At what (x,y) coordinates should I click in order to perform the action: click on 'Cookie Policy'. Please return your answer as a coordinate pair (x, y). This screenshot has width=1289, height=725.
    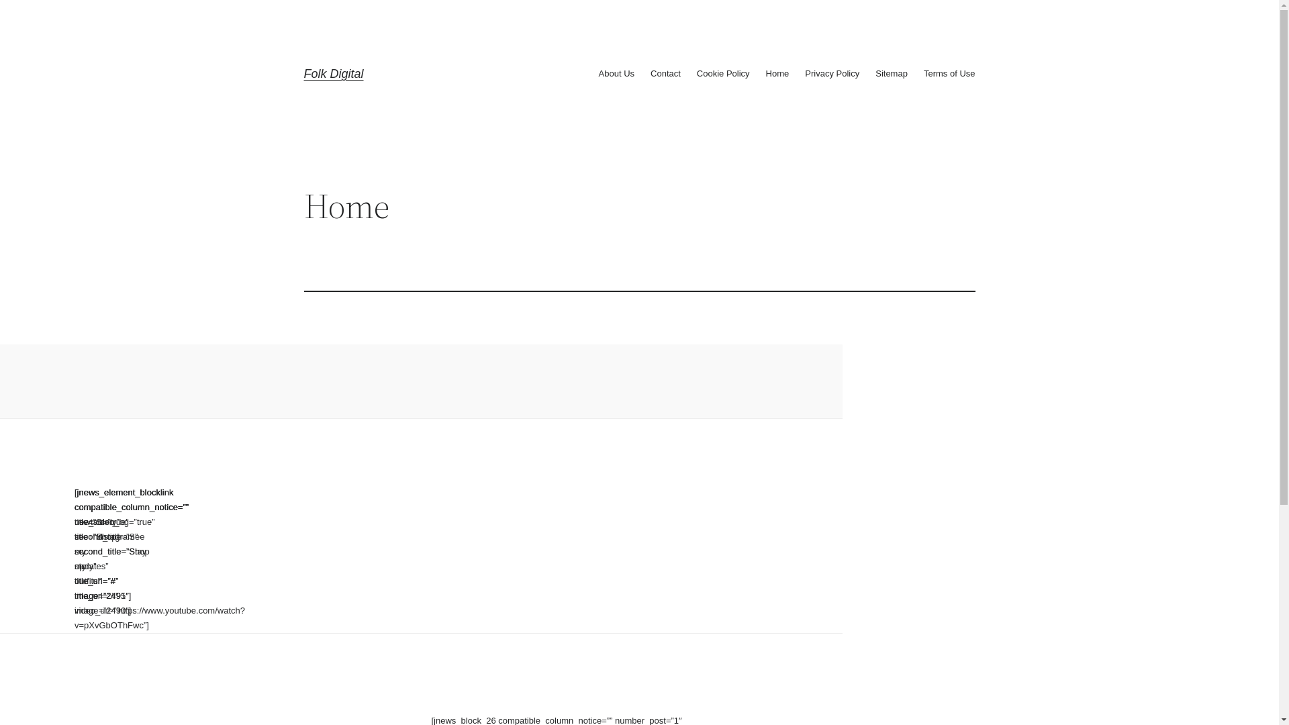
    Looking at the image, I should click on (722, 74).